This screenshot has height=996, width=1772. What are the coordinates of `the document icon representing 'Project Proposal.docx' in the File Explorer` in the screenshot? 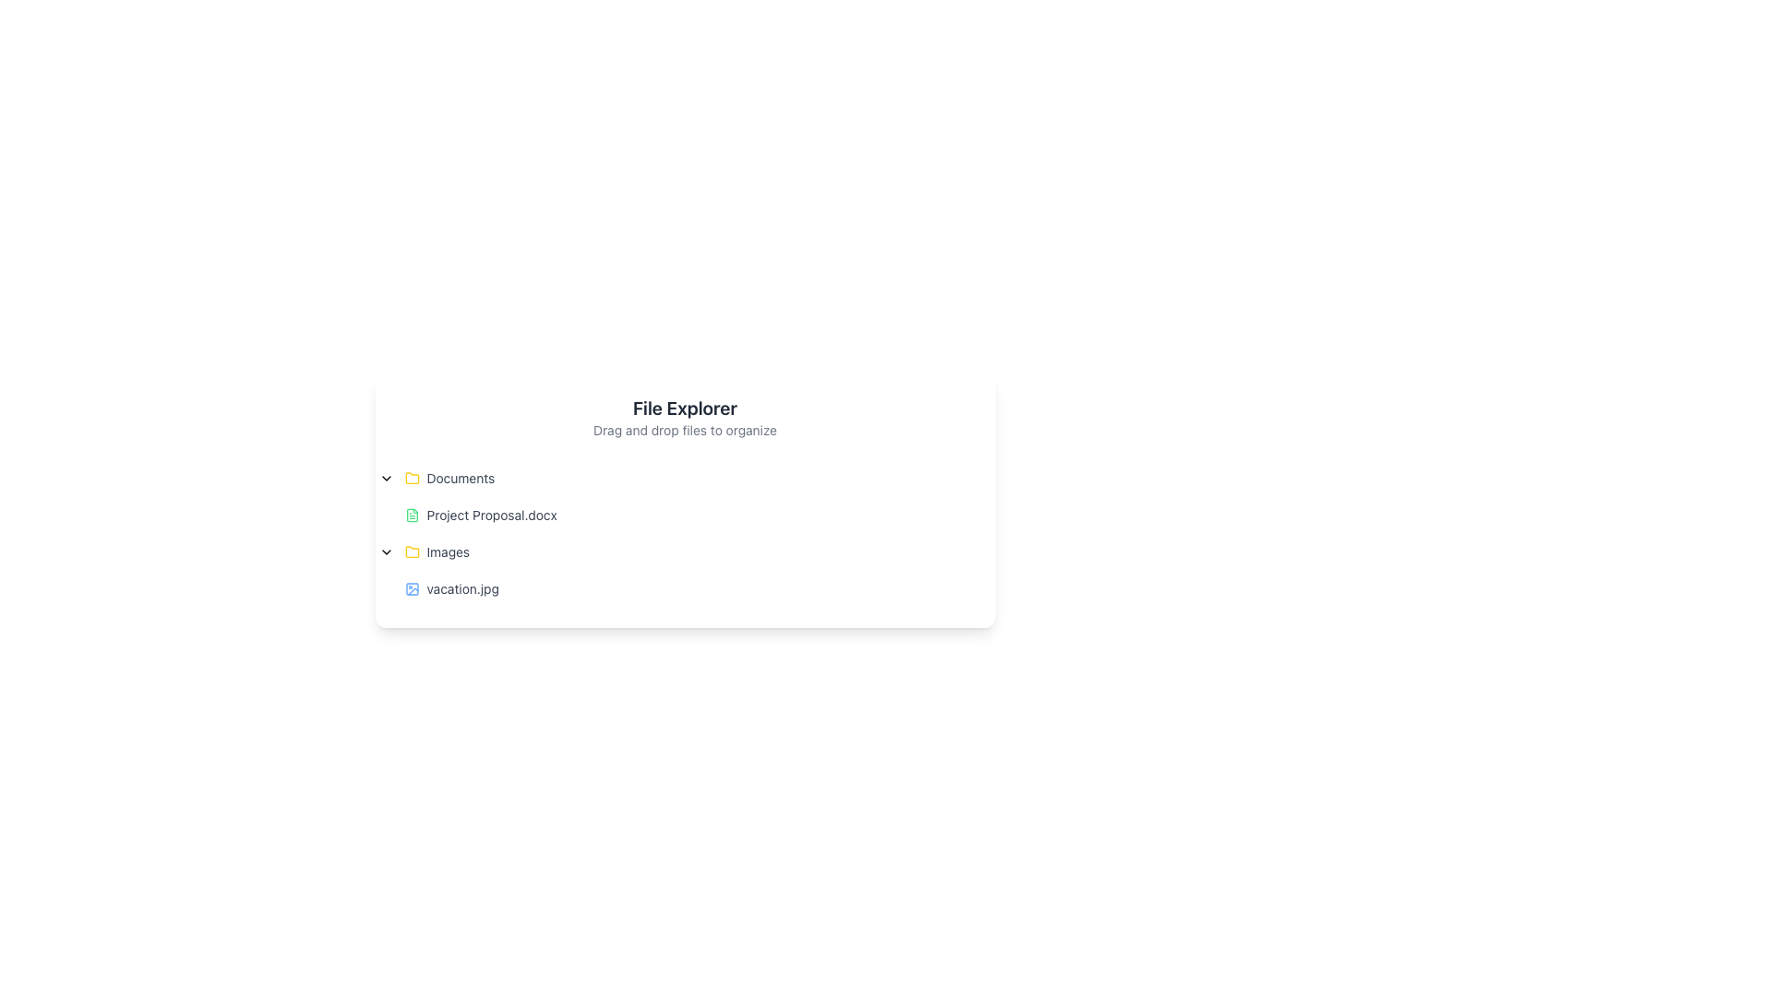 It's located at (411, 516).